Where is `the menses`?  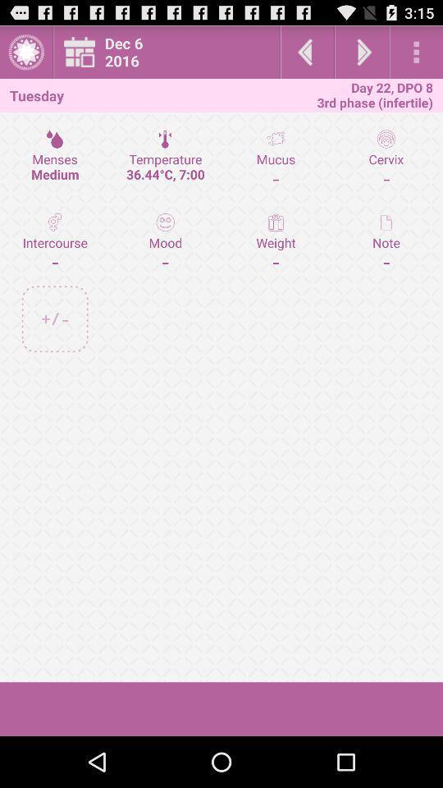
the menses is located at coordinates (55, 158).